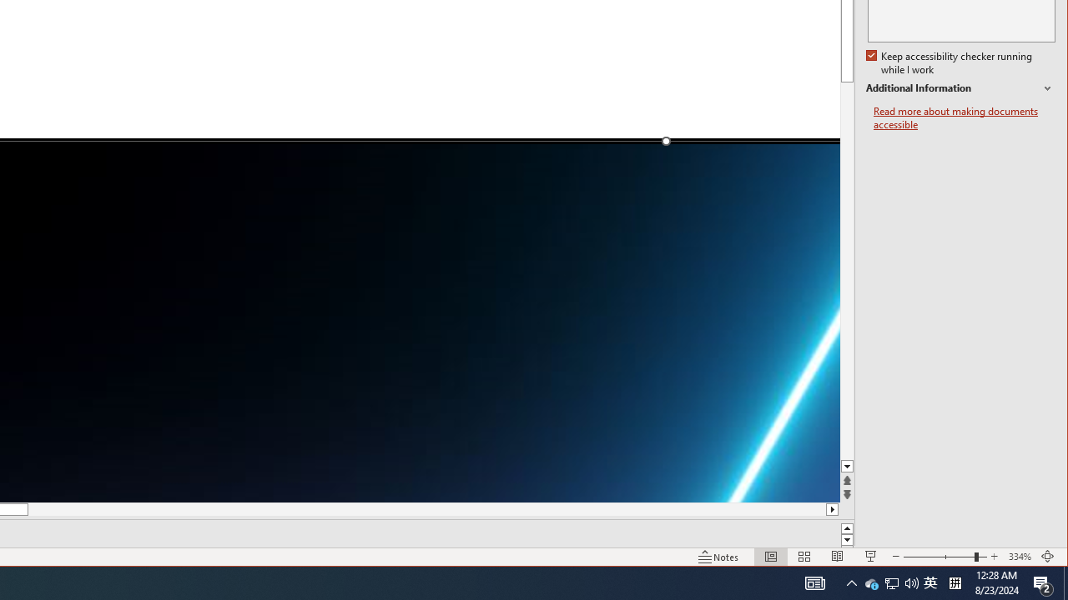 This screenshot has height=600, width=1068. What do you see at coordinates (1065, 582) in the screenshot?
I see `'Show desktop'` at bounding box center [1065, 582].